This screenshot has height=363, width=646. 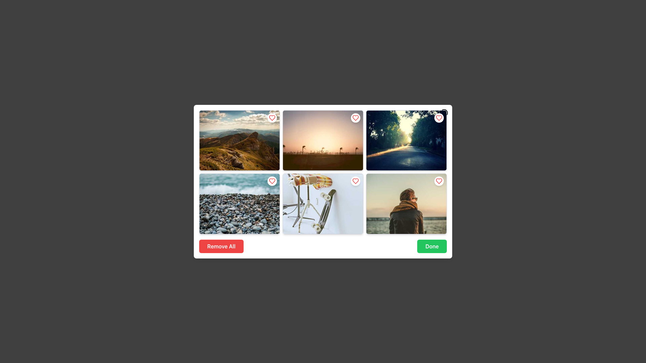 I want to click on the 'like' or 'favorite' toggle button located at the top-right corner of the bottom-right image card, so click(x=439, y=181).